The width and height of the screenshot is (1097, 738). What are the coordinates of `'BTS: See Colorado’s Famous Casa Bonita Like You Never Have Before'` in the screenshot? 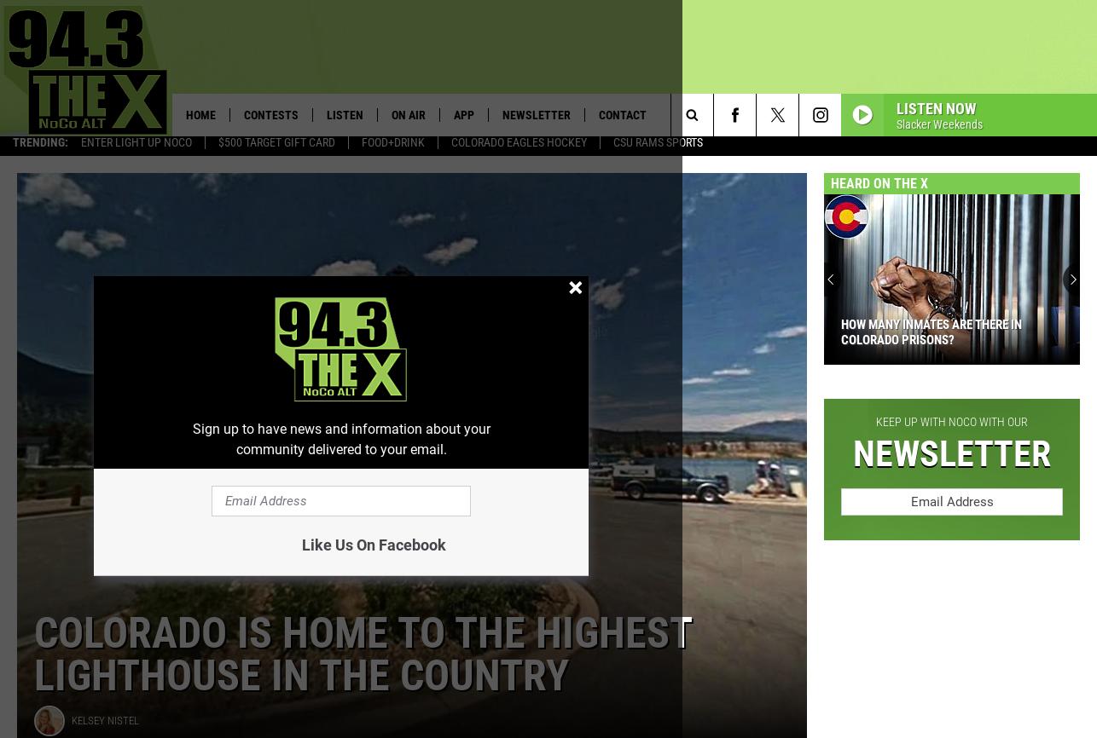 It's located at (938, 338).